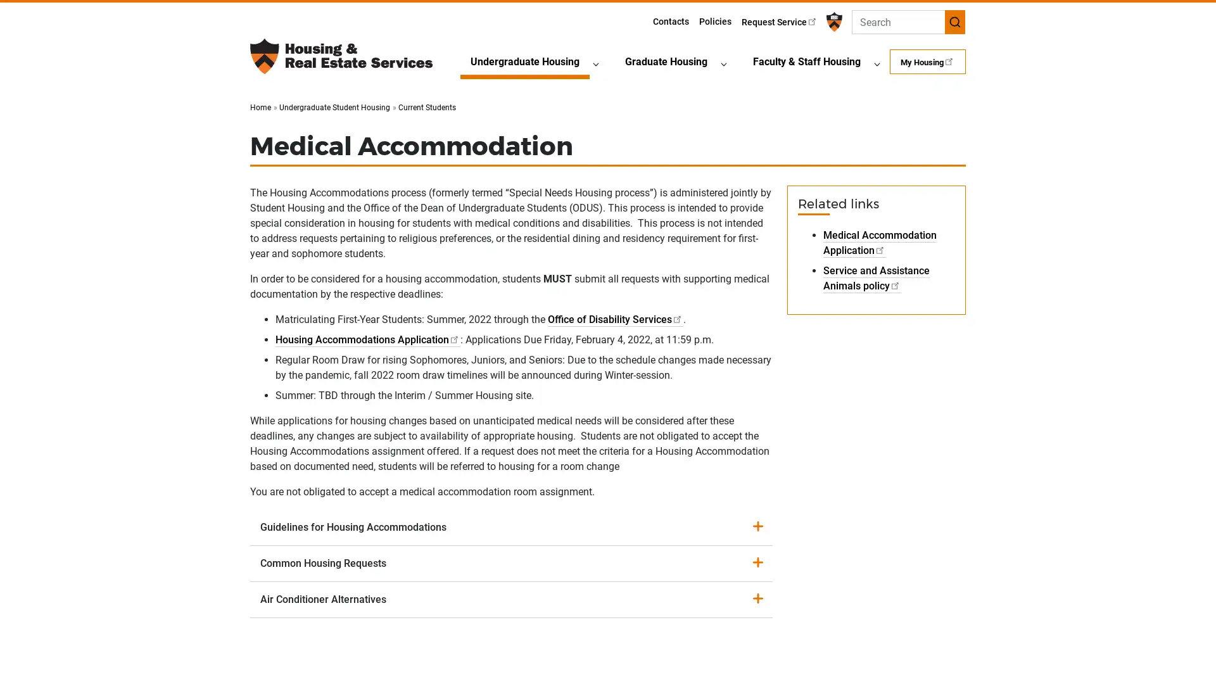 This screenshot has width=1216, height=684. I want to click on Graduate HousingSubmenu, so click(723, 64).